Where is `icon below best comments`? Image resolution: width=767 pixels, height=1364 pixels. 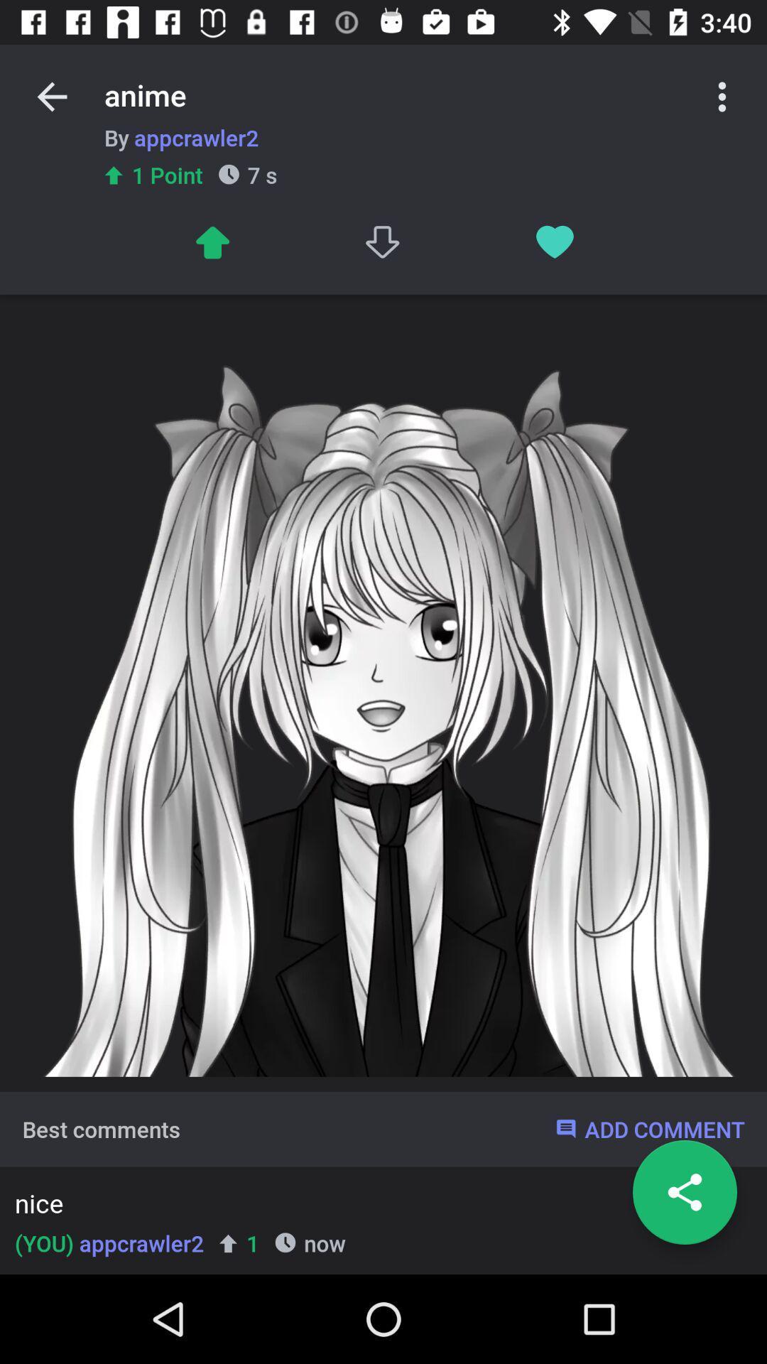 icon below best comments is located at coordinates (379, 1206).